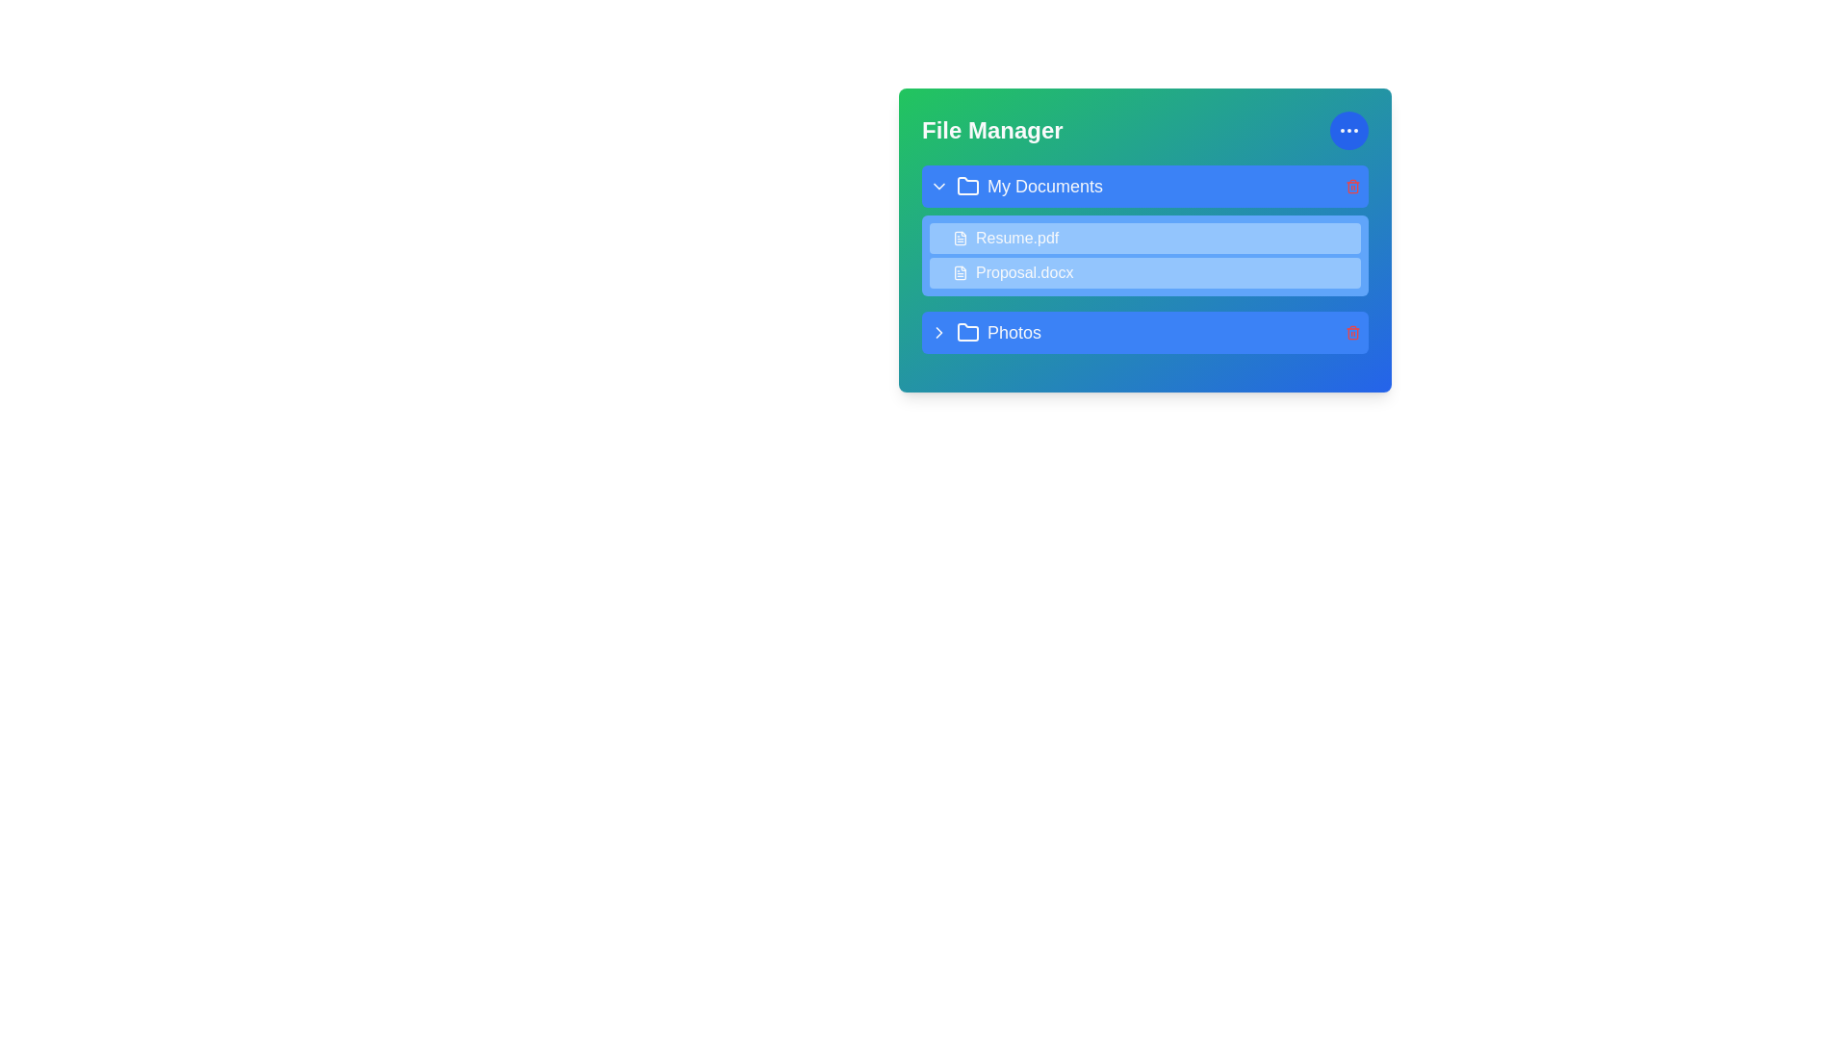 Image resolution: width=1848 pixels, height=1039 pixels. Describe the element at coordinates (992, 130) in the screenshot. I see `the 'File Manager' label, which displays the text in a bold and large font at the top left corner of the panel with a gradient background` at that location.